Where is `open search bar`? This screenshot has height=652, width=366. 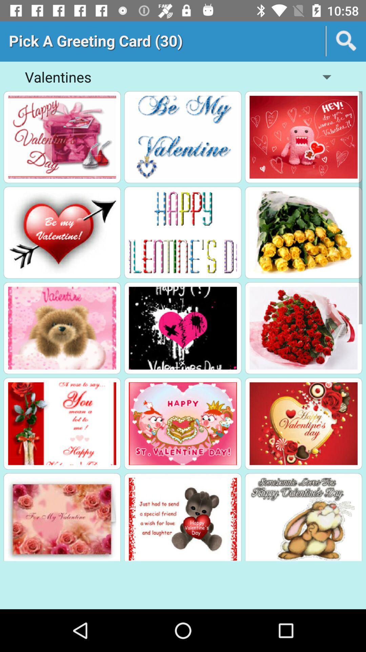
open search bar is located at coordinates (346, 41).